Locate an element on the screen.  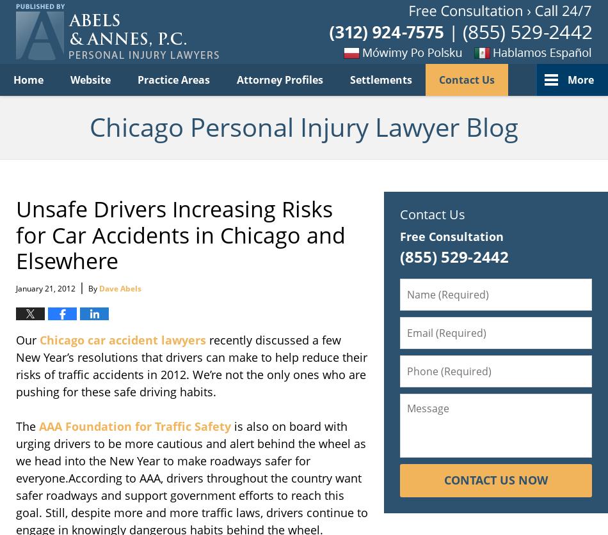
'Website' is located at coordinates (90, 79).